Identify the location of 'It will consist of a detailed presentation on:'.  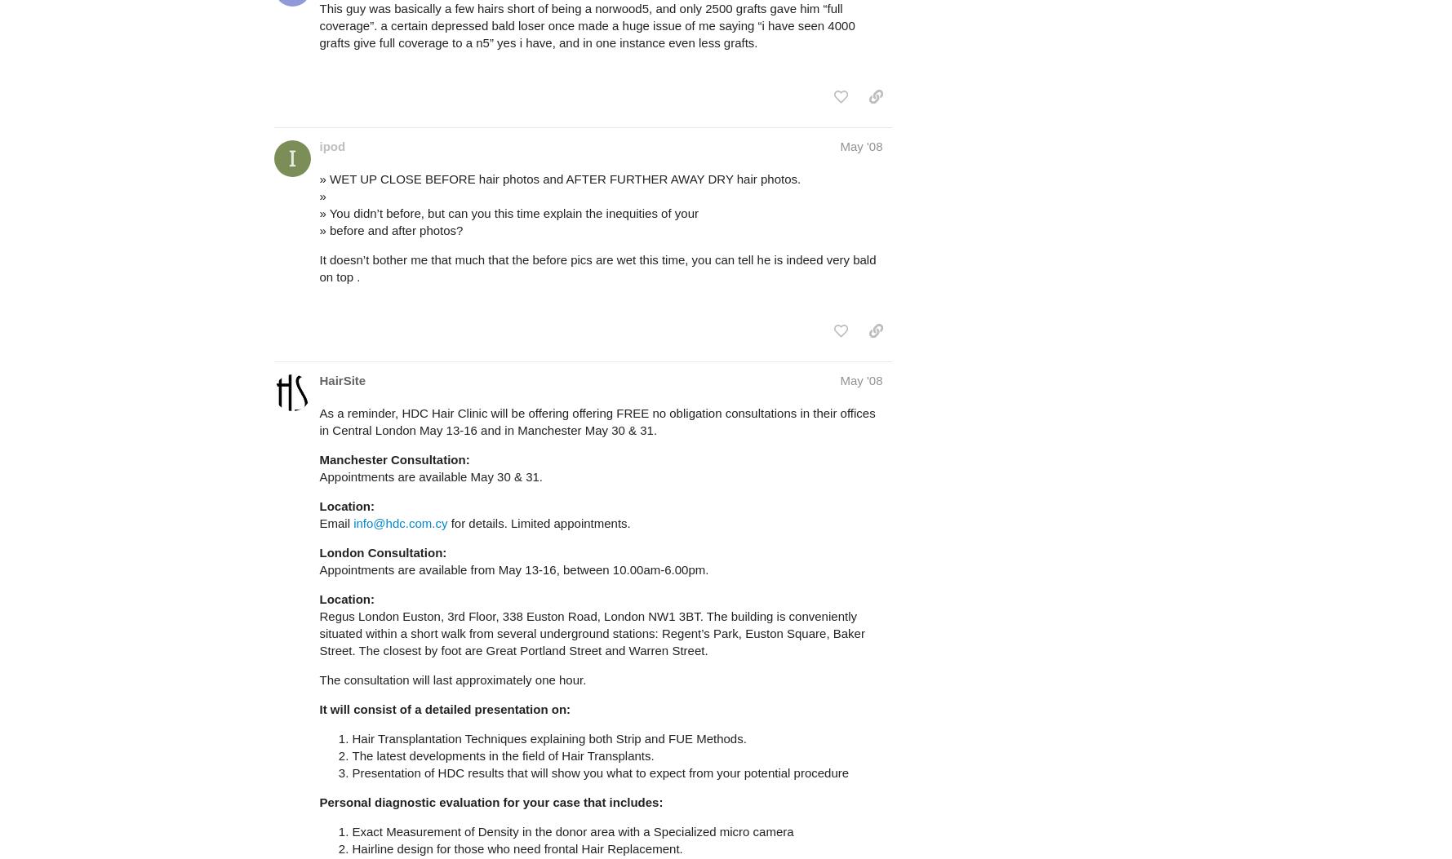
(444, 709).